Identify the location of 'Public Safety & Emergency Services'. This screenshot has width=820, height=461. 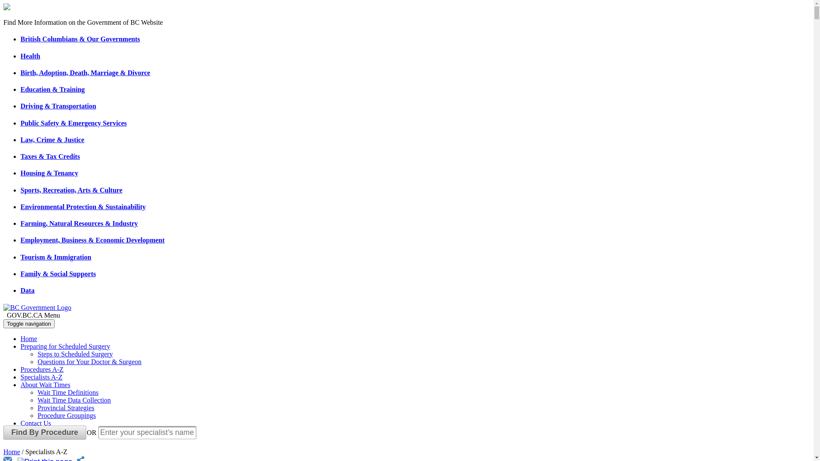
(20, 123).